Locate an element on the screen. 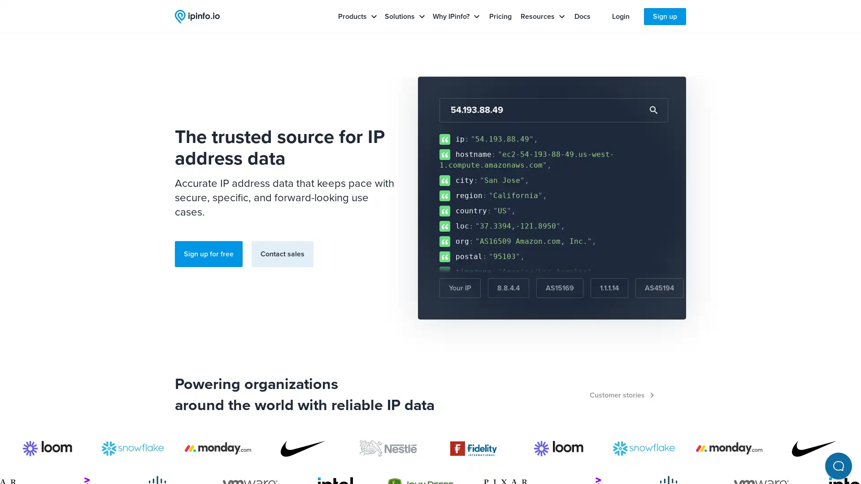  AS15169 is located at coordinates (559, 288).